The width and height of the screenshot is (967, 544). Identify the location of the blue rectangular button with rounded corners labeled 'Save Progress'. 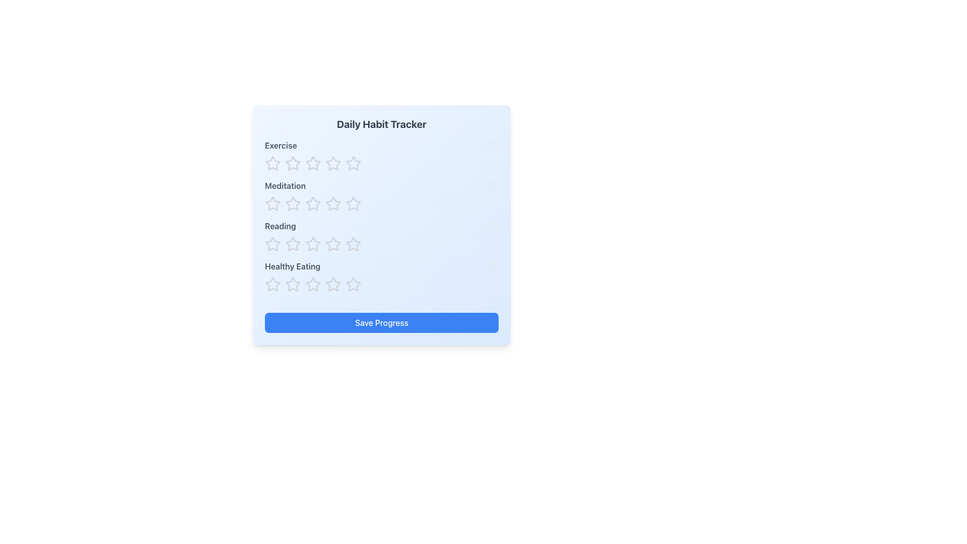
(381, 322).